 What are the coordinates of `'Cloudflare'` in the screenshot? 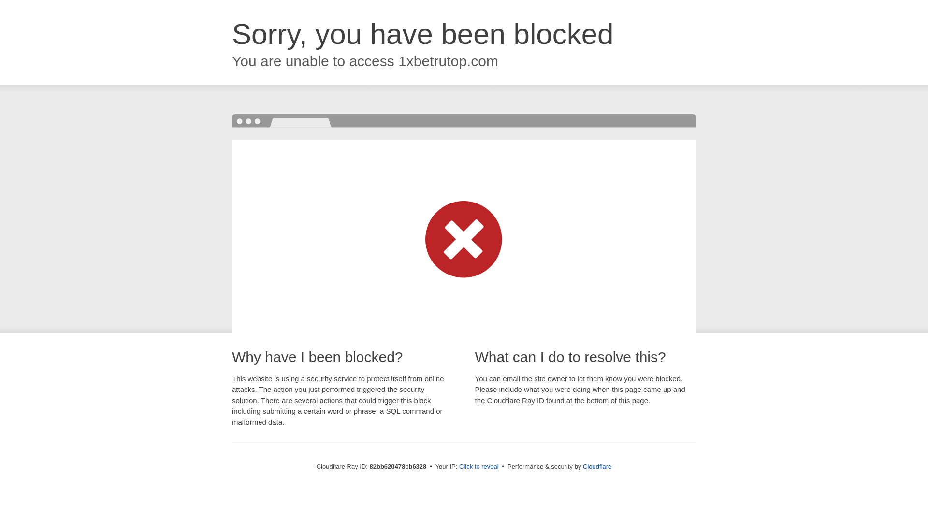 It's located at (596, 466).